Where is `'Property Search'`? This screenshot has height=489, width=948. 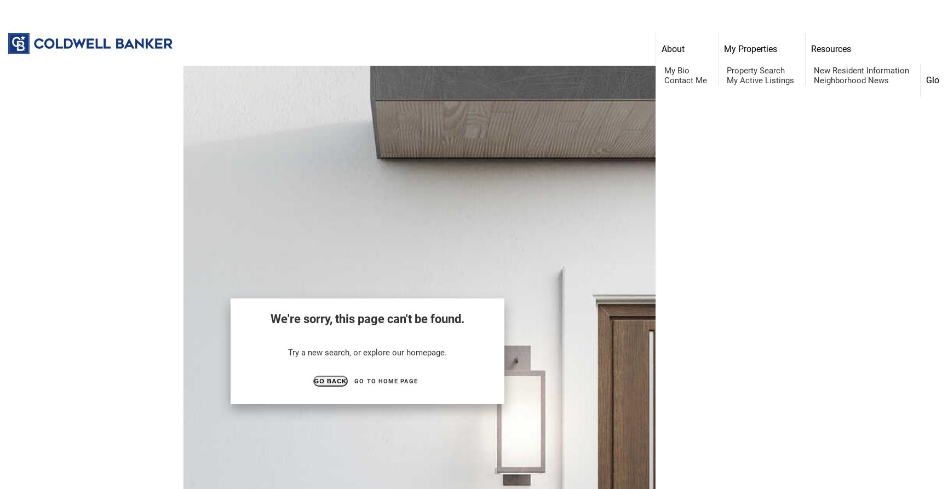
'Property Search' is located at coordinates (754, 71).